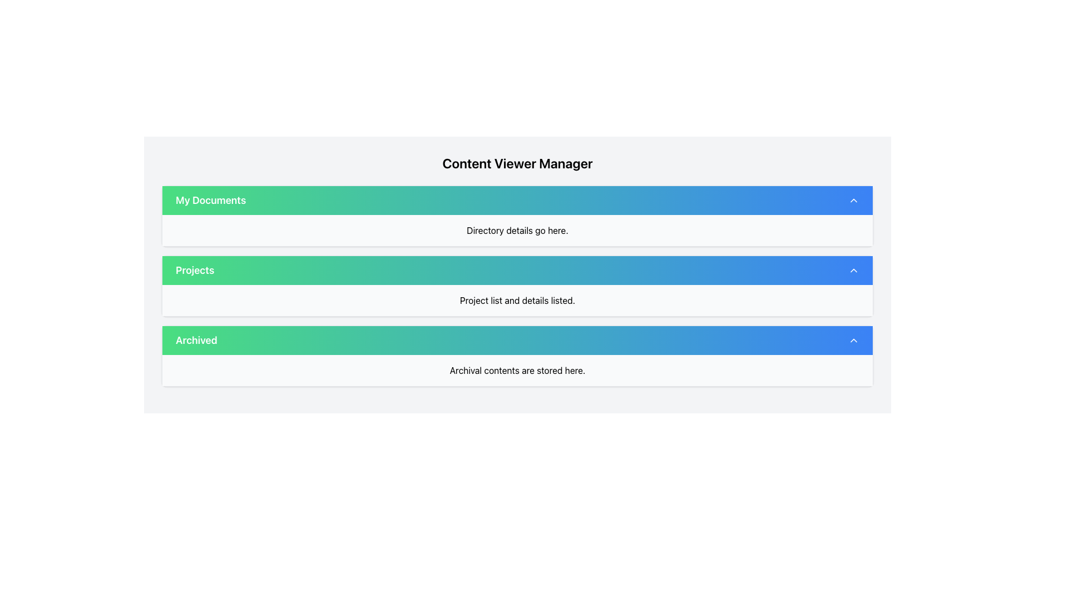 The height and width of the screenshot is (600, 1068). What do you see at coordinates (196, 340) in the screenshot?
I see `the Text Label that indicates the function related to archived items, positioned to the left of the 'Archived' bar in the vertical list` at bounding box center [196, 340].